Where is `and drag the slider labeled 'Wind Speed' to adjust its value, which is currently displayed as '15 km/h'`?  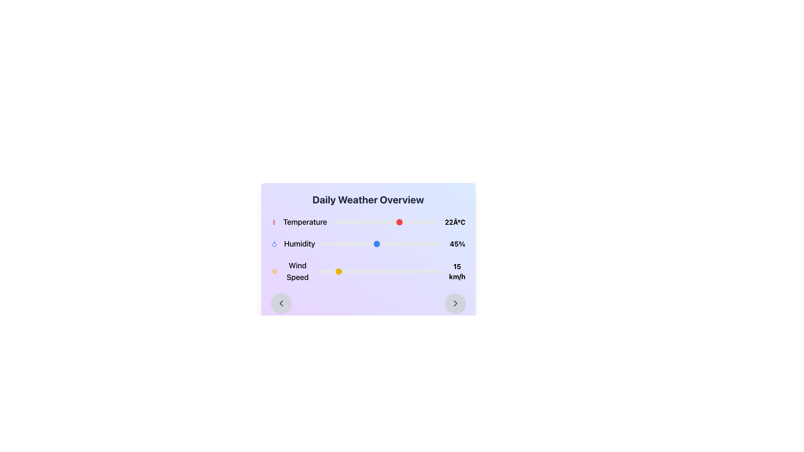
and drag the slider labeled 'Wind Speed' to adjust its value, which is currently displayed as '15 km/h' is located at coordinates (368, 271).